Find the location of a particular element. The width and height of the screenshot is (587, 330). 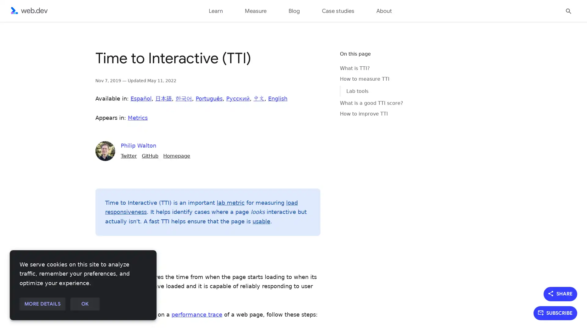

Open search is located at coordinates (568, 10).